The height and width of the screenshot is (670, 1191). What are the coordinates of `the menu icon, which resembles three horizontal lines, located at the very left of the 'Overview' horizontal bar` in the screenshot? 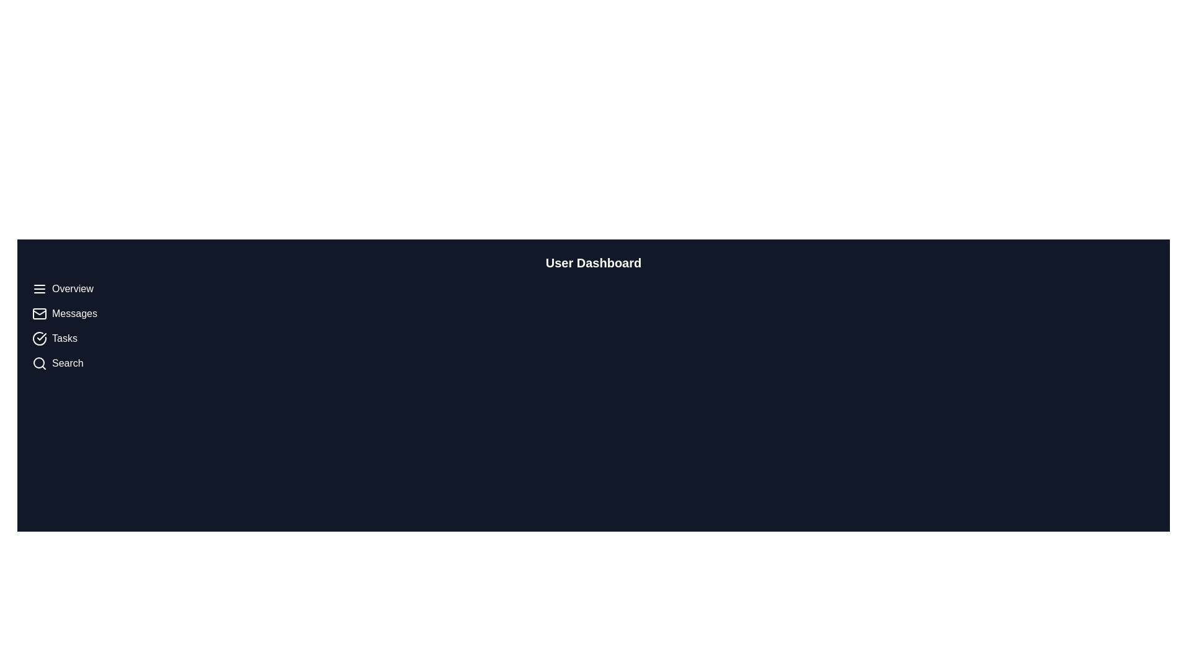 It's located at (39, 289).